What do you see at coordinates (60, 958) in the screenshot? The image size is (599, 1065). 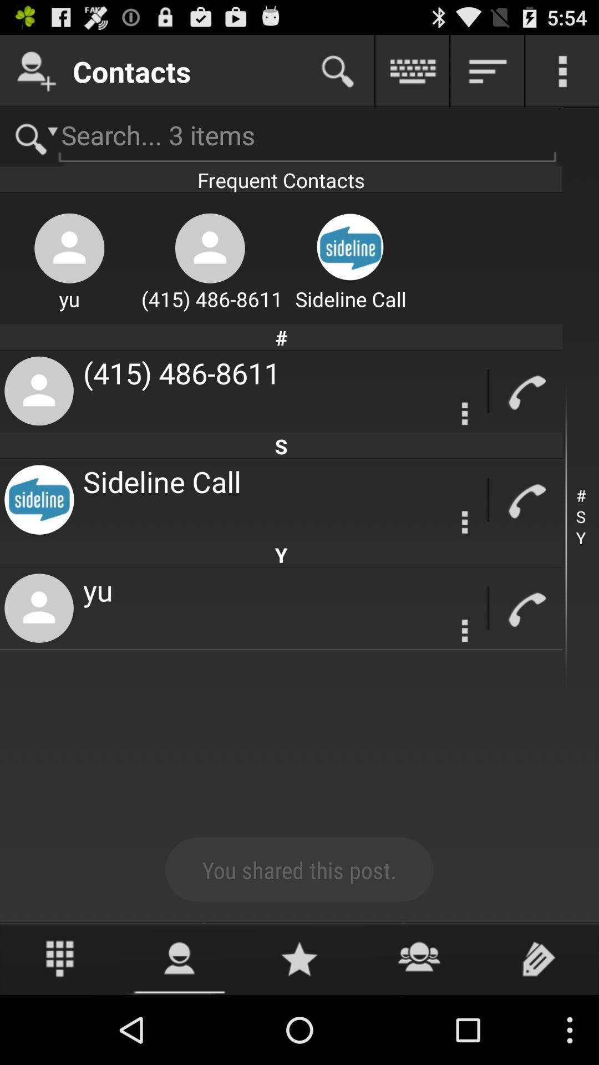 I see `open keypad` at bounding box center [60, 958].